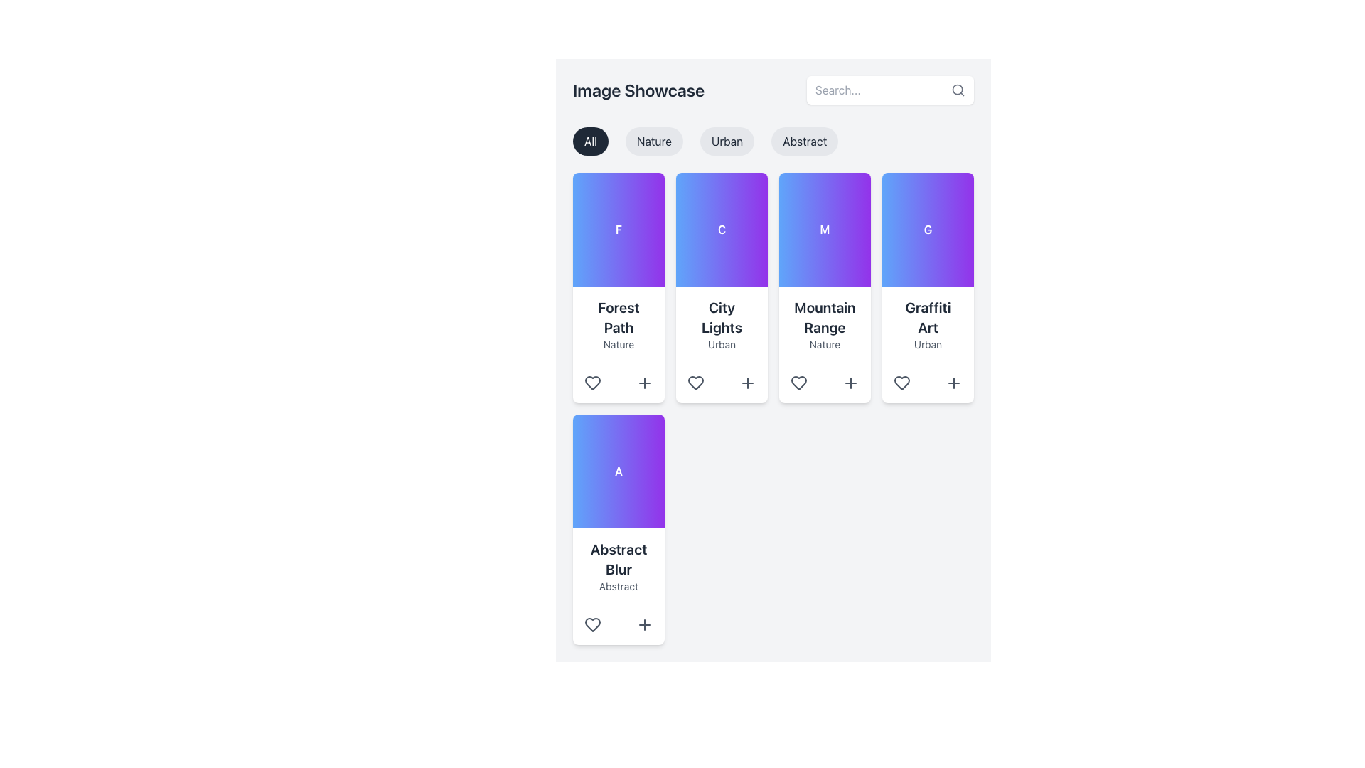 The height and width of the screenshot is (768, 1365). I want to click on the heart icon button located at the bottom-left corner of the 'Abstract Blur' card to mark it as a favorite, so click(593, 624).